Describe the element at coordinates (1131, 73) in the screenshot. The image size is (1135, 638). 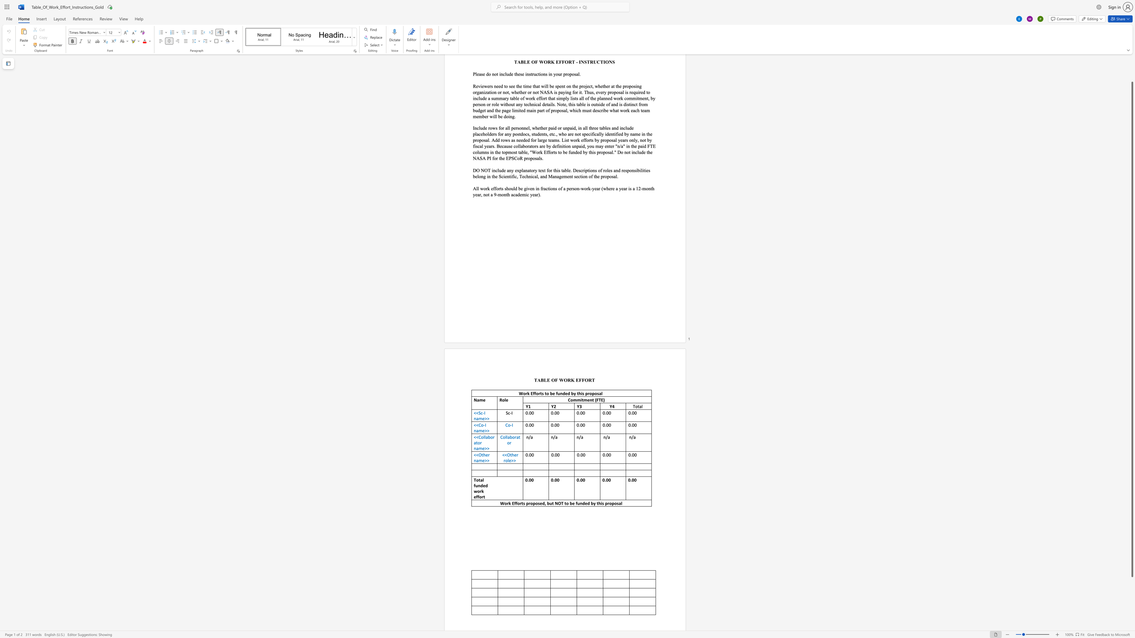
I see `the scrollbar to scroll upward` at that location.